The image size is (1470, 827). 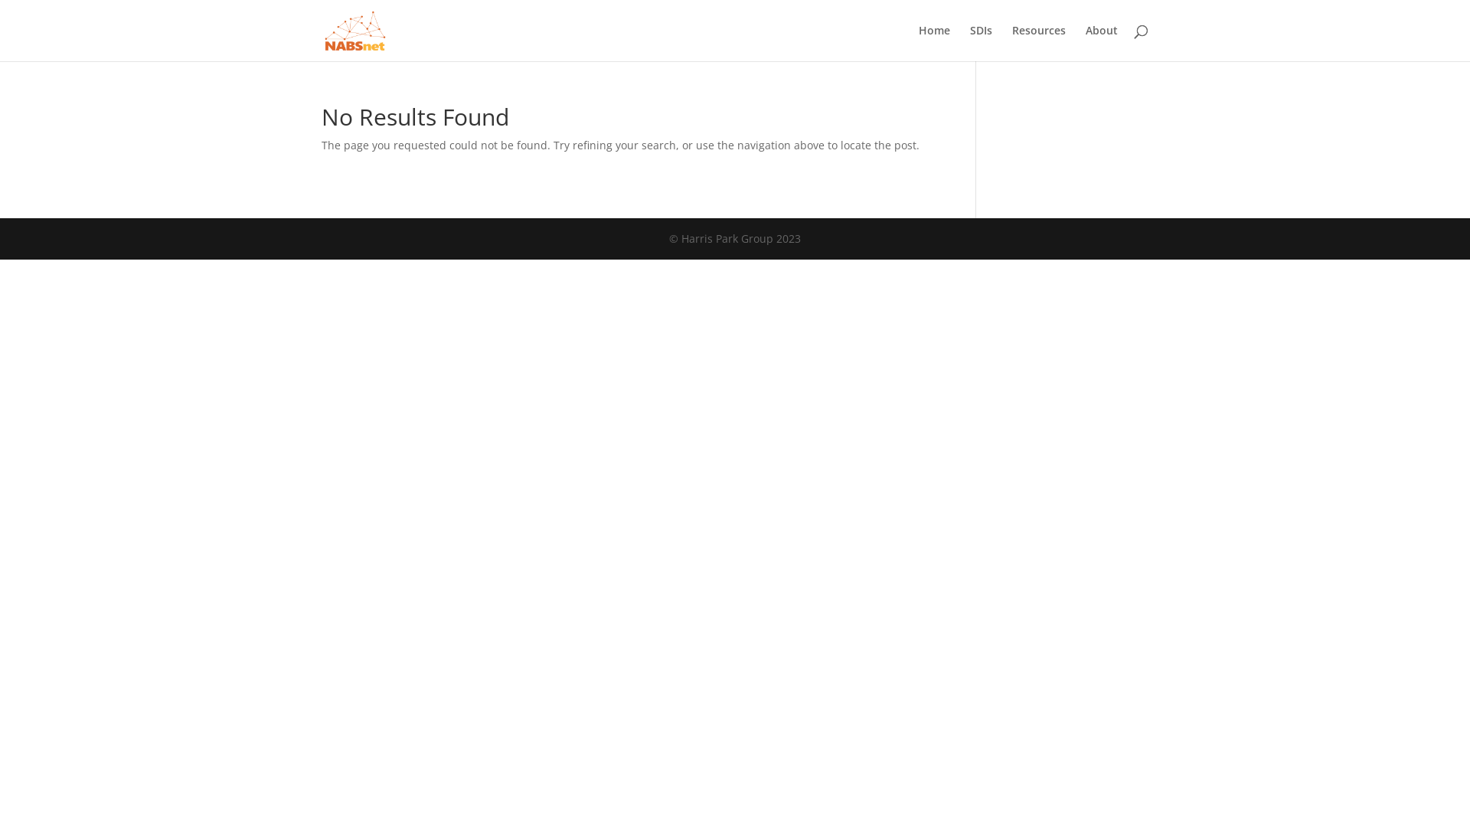 What do you see at coordinates (981, 42) in the screenshot?
I see `'SDIs'` at bounding box center [981, 42].